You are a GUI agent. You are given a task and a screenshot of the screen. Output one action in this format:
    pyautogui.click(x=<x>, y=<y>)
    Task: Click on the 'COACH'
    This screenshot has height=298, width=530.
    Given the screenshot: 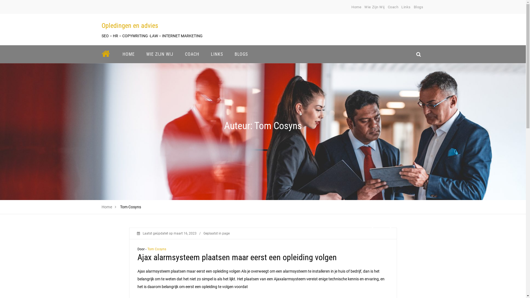 What is the action you would take?
    pyautogui.click(x=192, y=54)
    